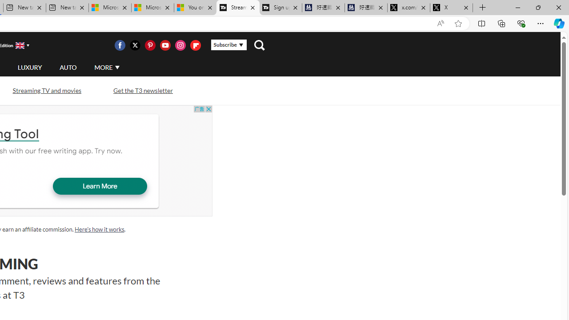 This screenshot has width=569, height=320. I want to click on 'Class: svg-arrow-down', so click(117, 67).